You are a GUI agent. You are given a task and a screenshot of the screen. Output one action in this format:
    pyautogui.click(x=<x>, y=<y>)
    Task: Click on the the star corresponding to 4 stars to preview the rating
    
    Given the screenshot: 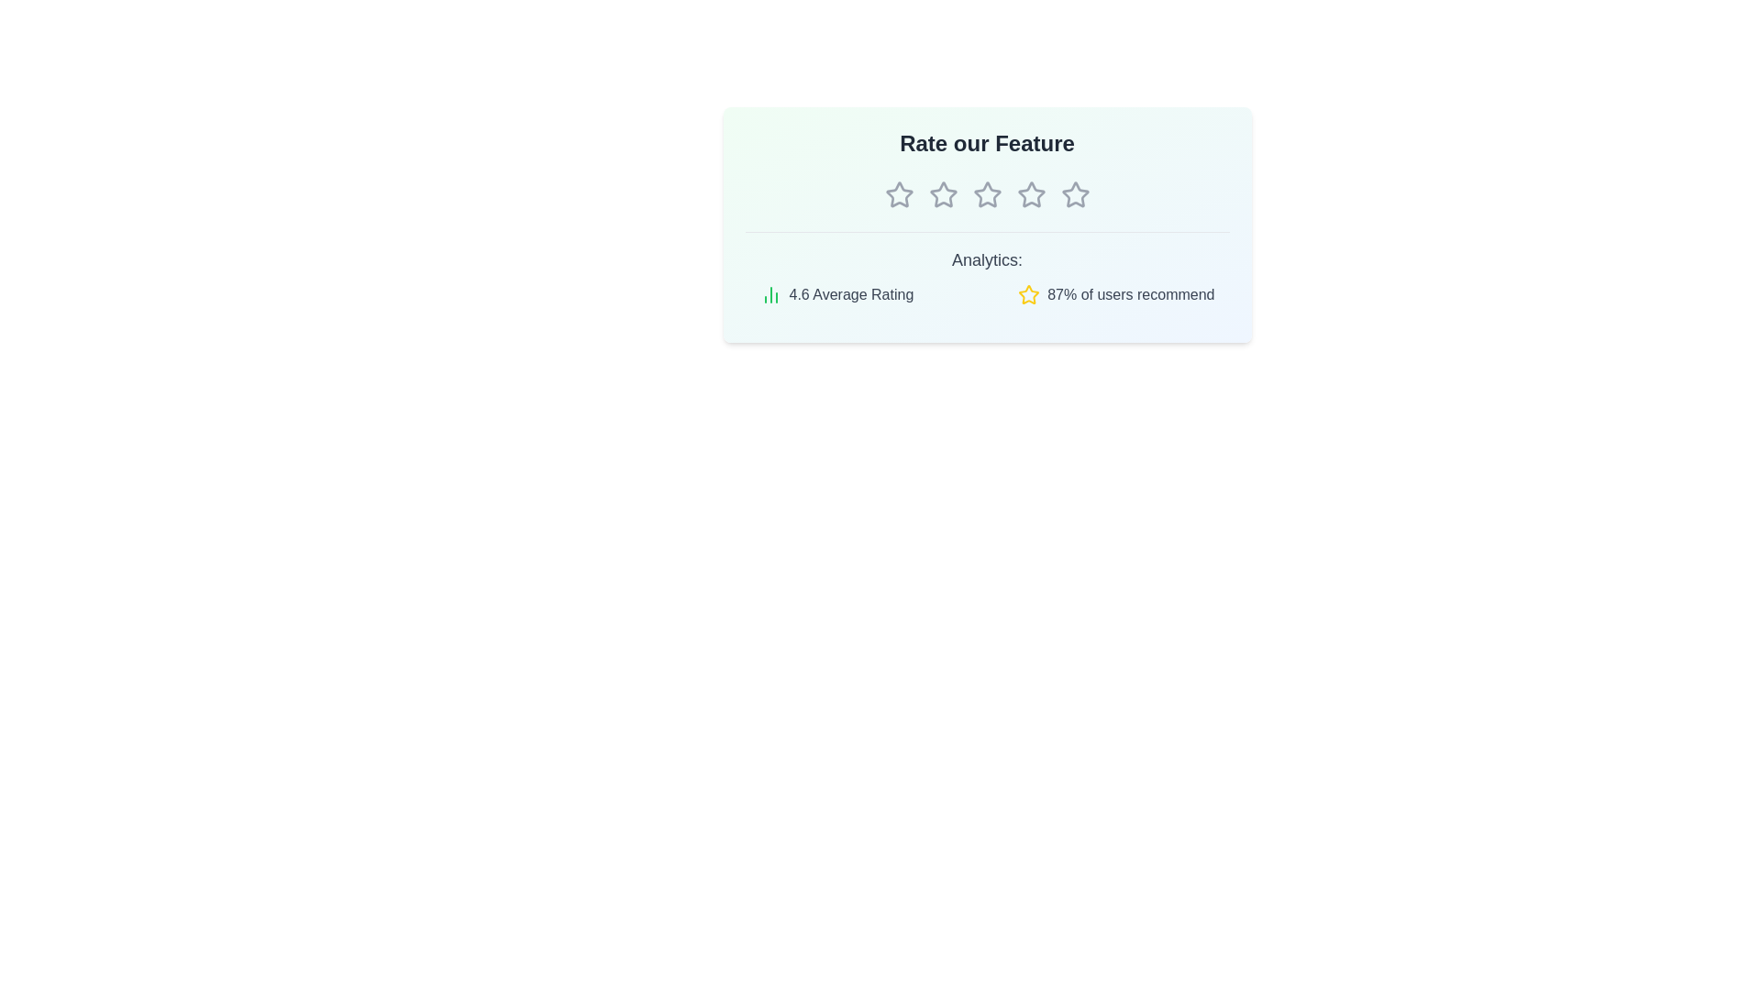 What is the action you would take?
    pyautogui.click(x=1031, y=194)
    